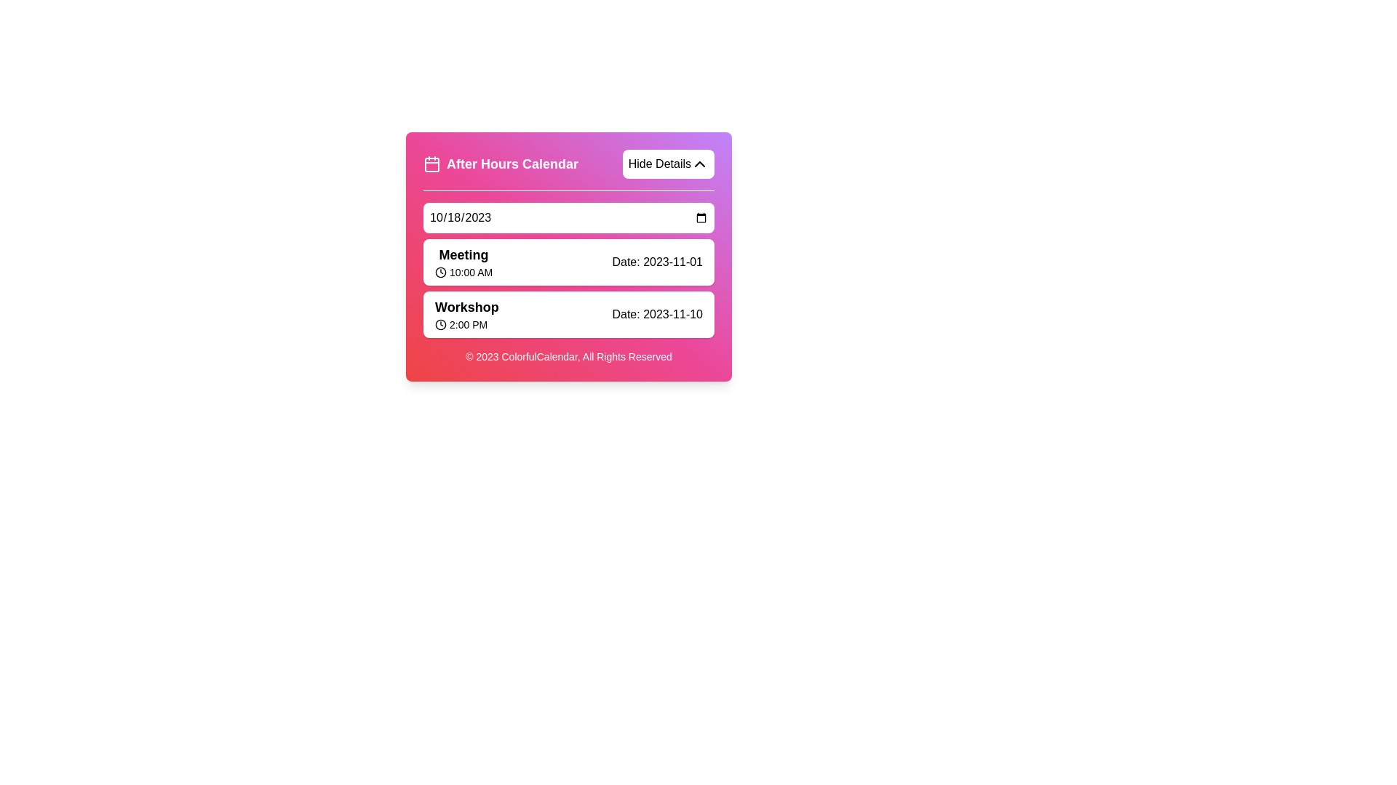  Describe the element at coordinates (656, 262) in the screenshot. I see `displayed date located to the far right of the 'Meeting' text within the structured list item of the card` at that location.